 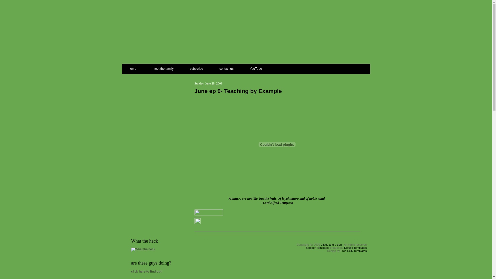 What do you see at coordinates (146, 271) in the screenshot?
I see `'click here to find out!'` at bounding box center [146, 271].